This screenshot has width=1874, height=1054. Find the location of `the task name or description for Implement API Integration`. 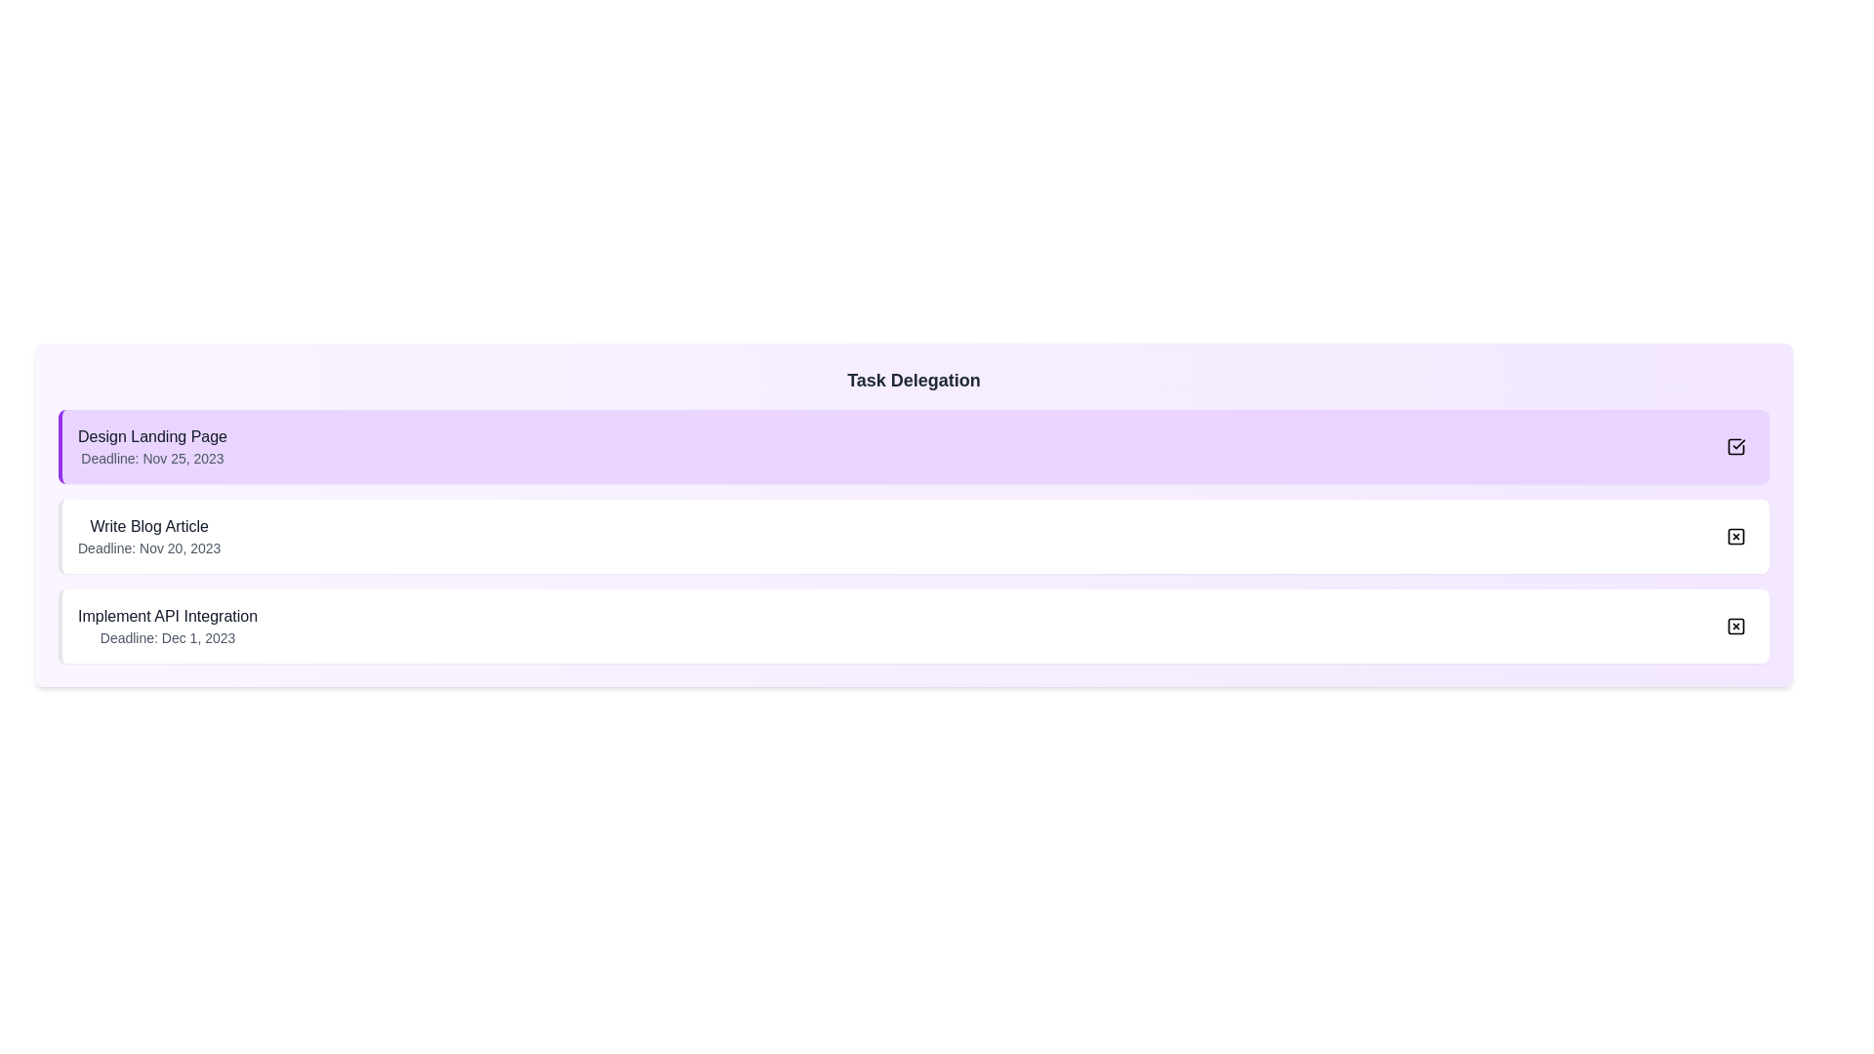

the task name or description for Implement API Integration is located at coordinates (168, 626).